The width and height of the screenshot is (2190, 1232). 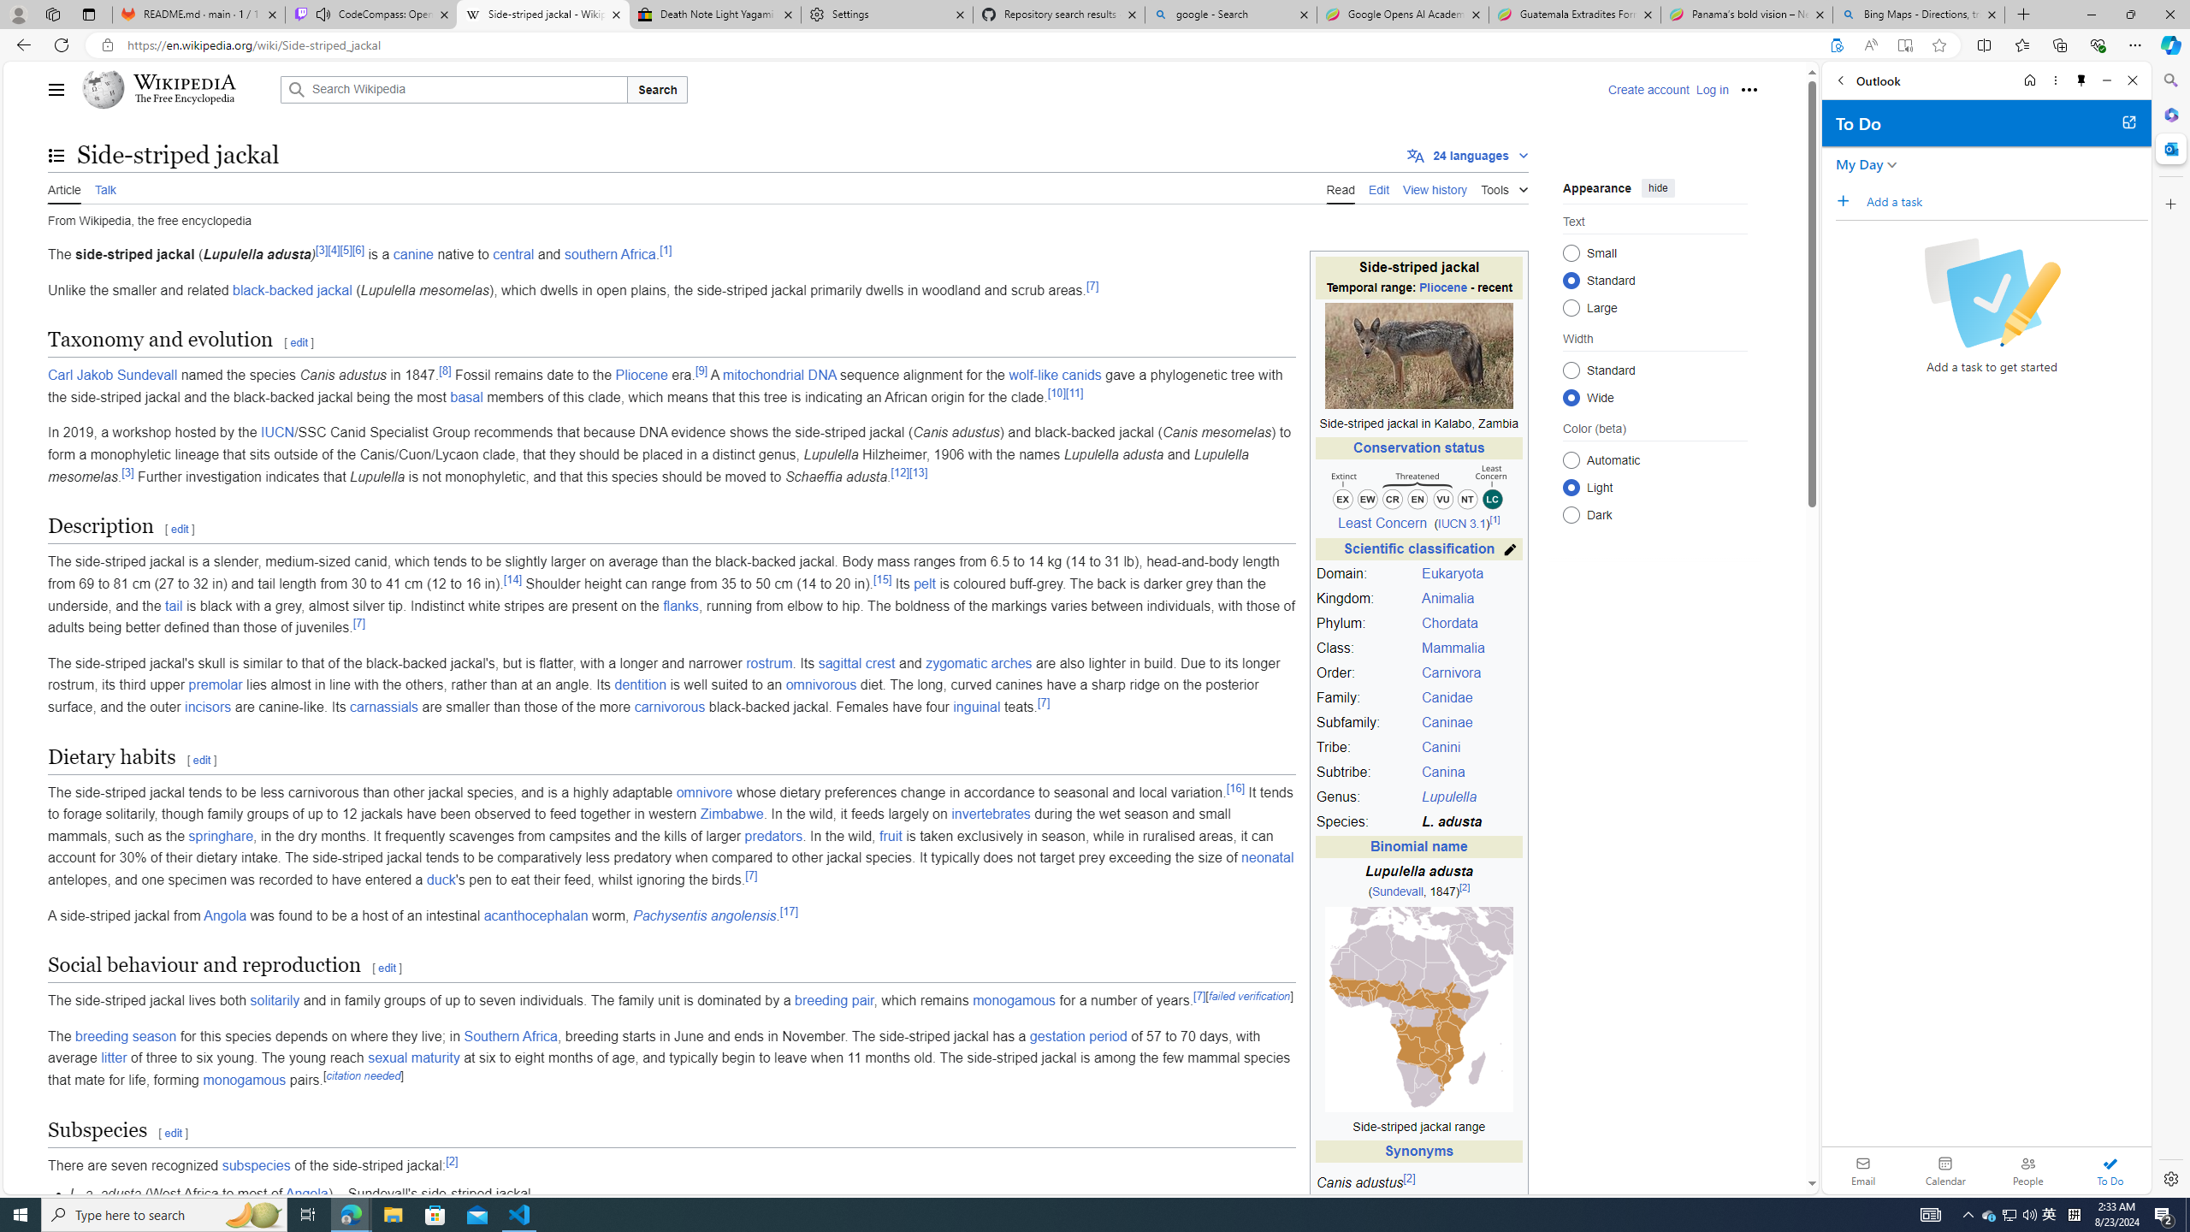 I want to click on 'sexual maturity', so click(x=412, y=1057).